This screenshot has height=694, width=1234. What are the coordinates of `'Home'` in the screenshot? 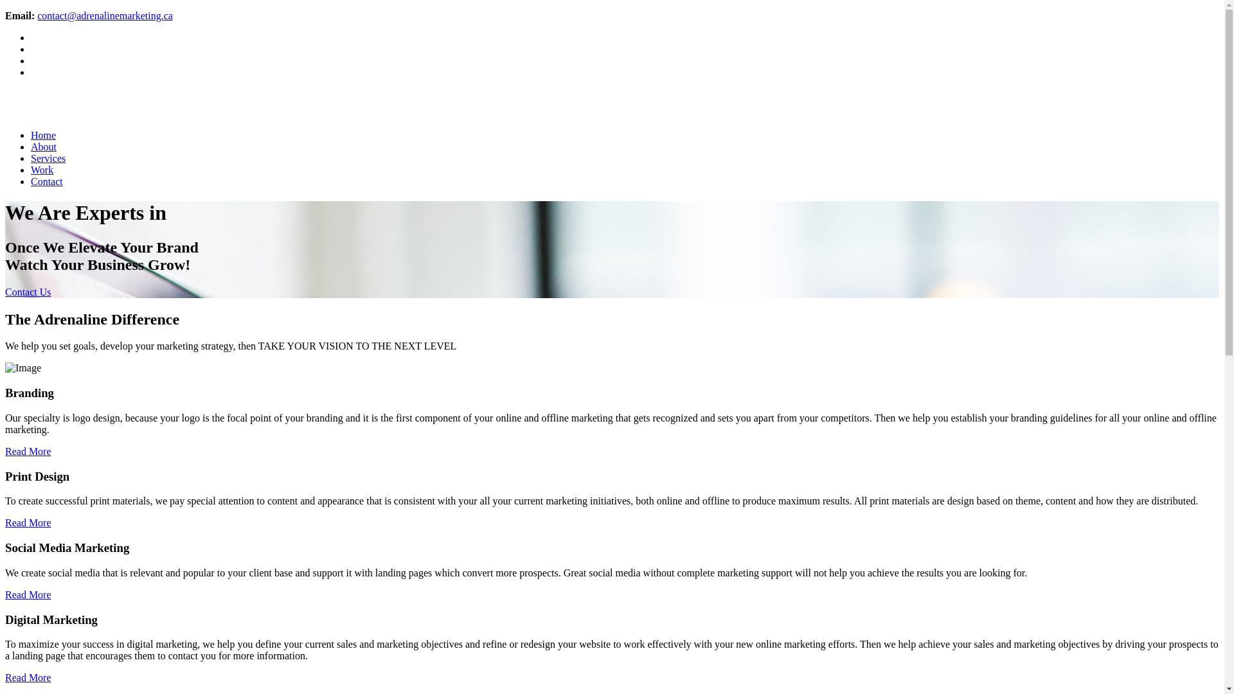 It's located at (43, 135).